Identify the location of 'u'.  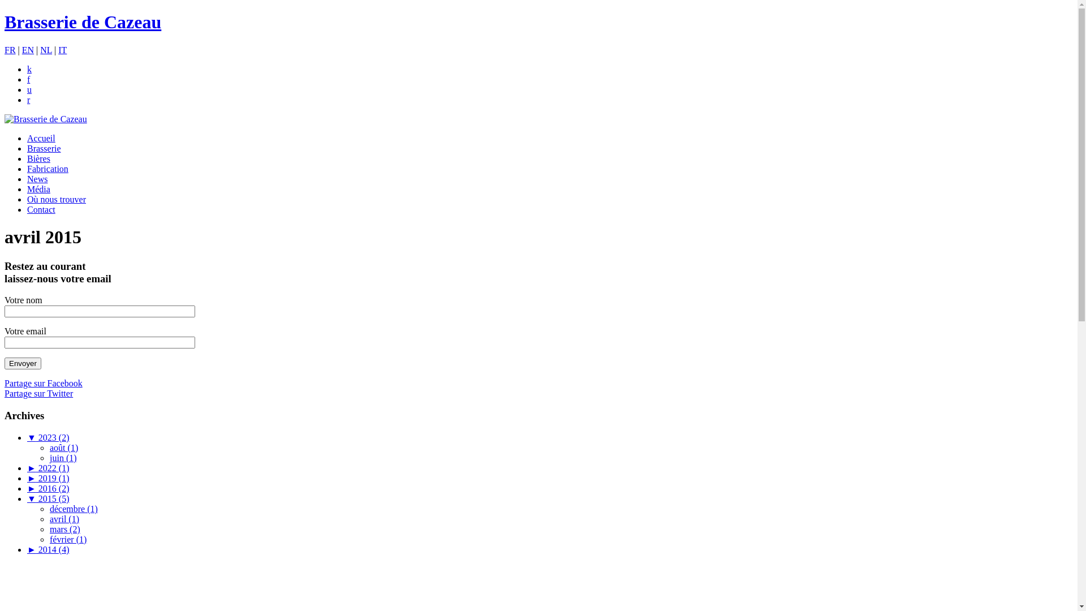
(29, 89).